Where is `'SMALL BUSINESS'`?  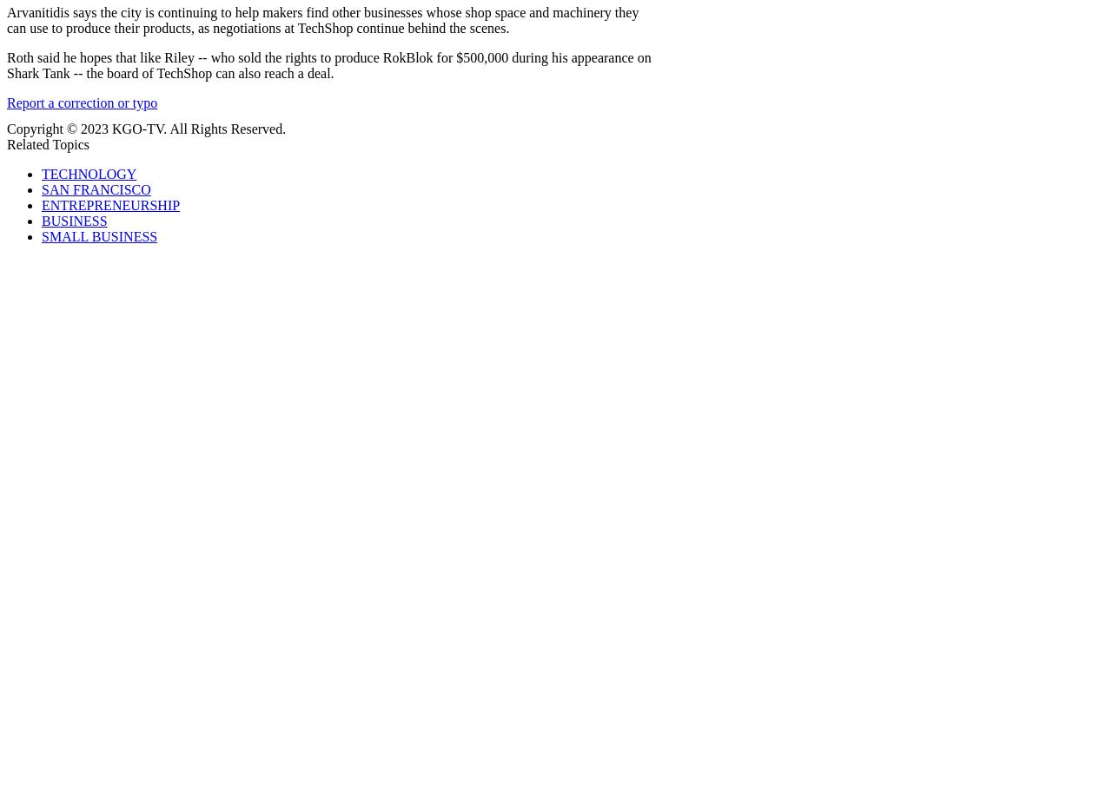 'SMALL BUSINESS' is located at coordinates (99, 235).